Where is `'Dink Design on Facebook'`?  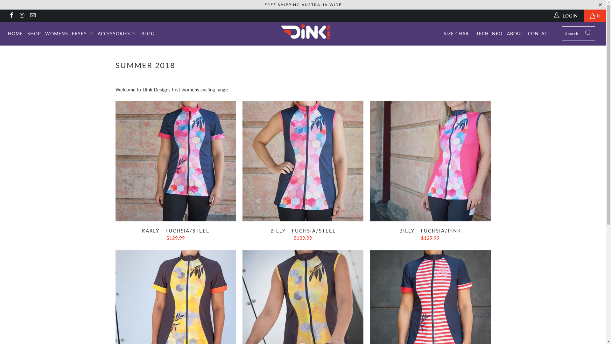 'Dink Design on Facebook' is located at coordinates (11, 15).